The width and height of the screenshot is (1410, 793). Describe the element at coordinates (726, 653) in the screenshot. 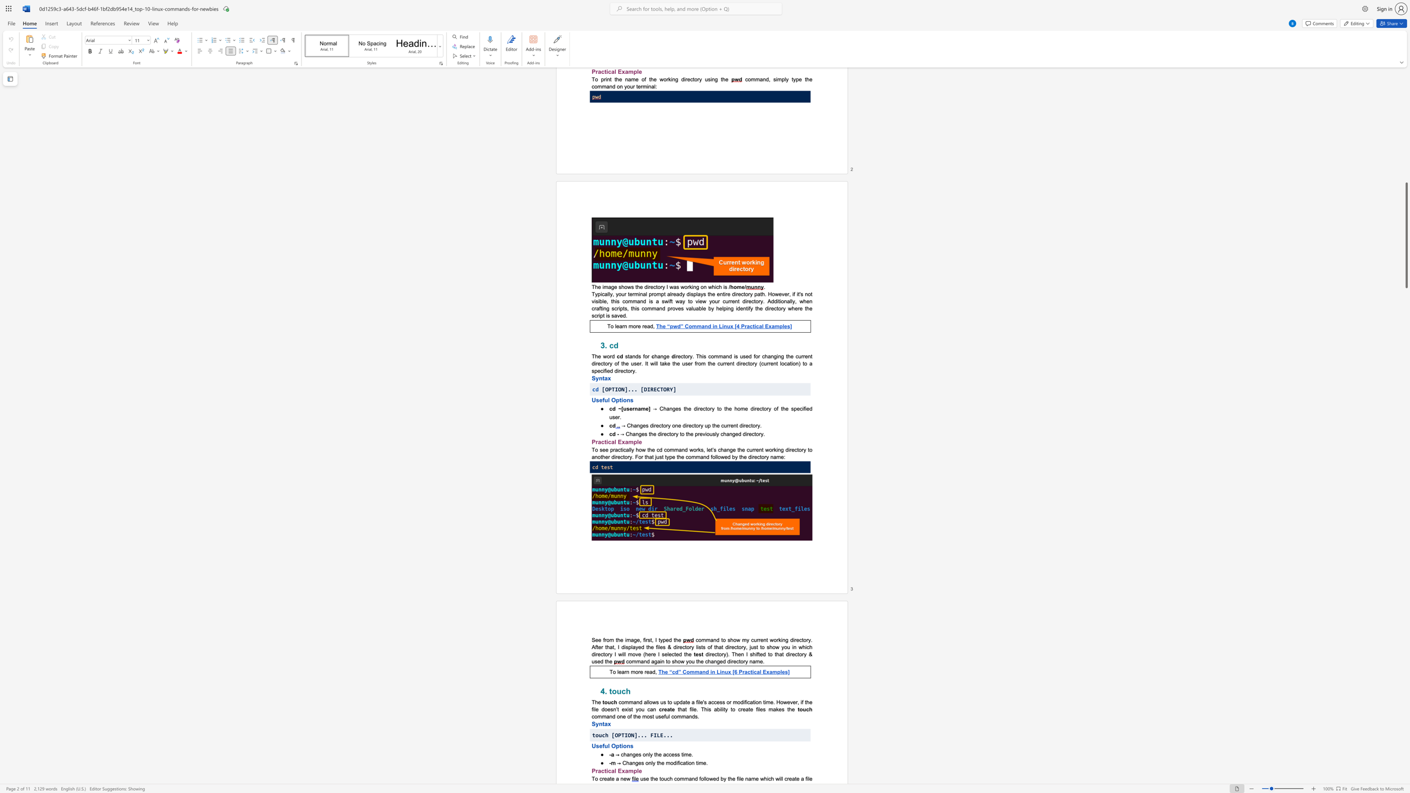

I see `the subset text "). Th" within the text "directory). Then I shifted to that directory & used the"` at that location.